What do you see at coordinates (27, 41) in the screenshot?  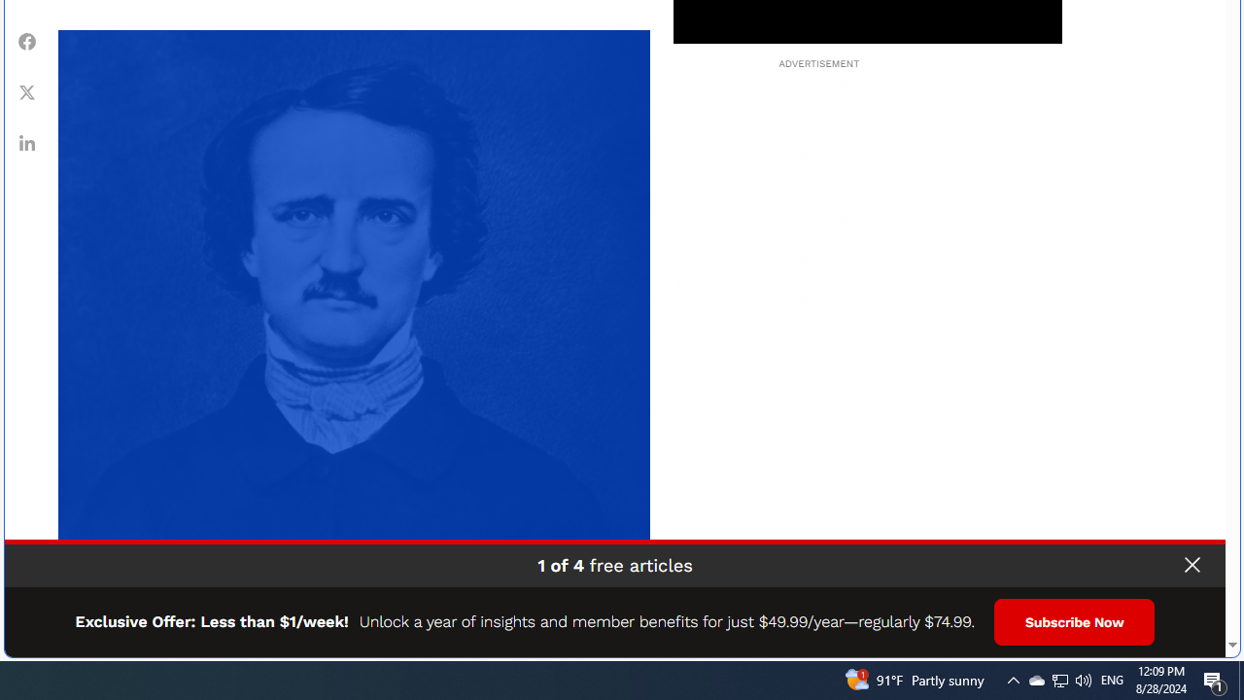 I see `'Class: fs-icon fs-icon--Facebook'` at bounding box center [27, 41].